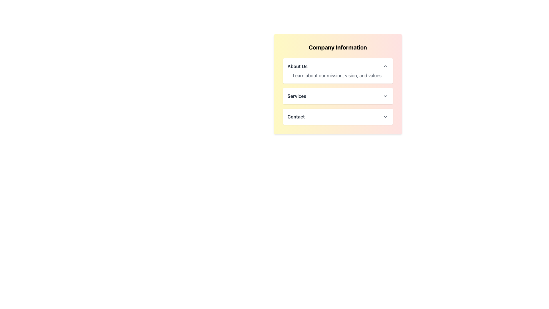 Image resolution: width=549 pixels, height=309 pixels. What do you see at coordinates (338, 75) in the screenshot?
I see `the Text Label located beneath the 'About Us' header in the 'About Us' expandable section` at bounding box center [338, 75].